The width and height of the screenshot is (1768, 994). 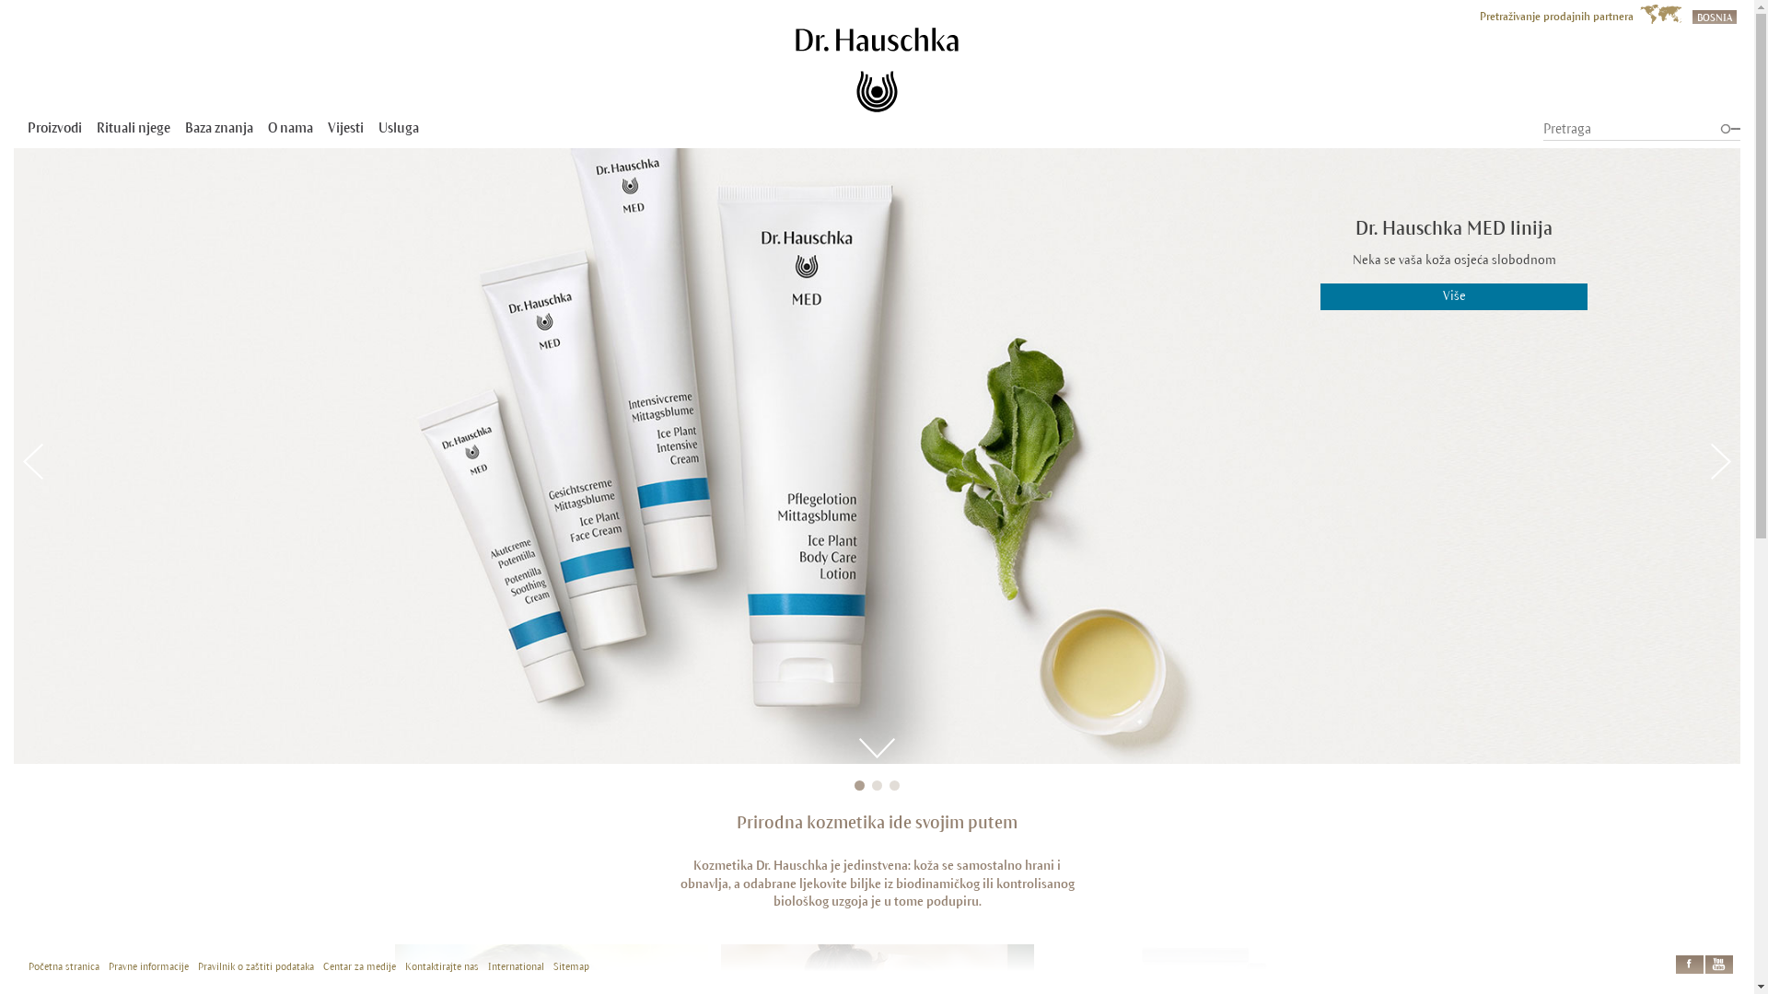 What do you see at coordinates (796, 69) in the screenshot?
I see `'Dr. Hauschka'` at bounding box center [796, 69].